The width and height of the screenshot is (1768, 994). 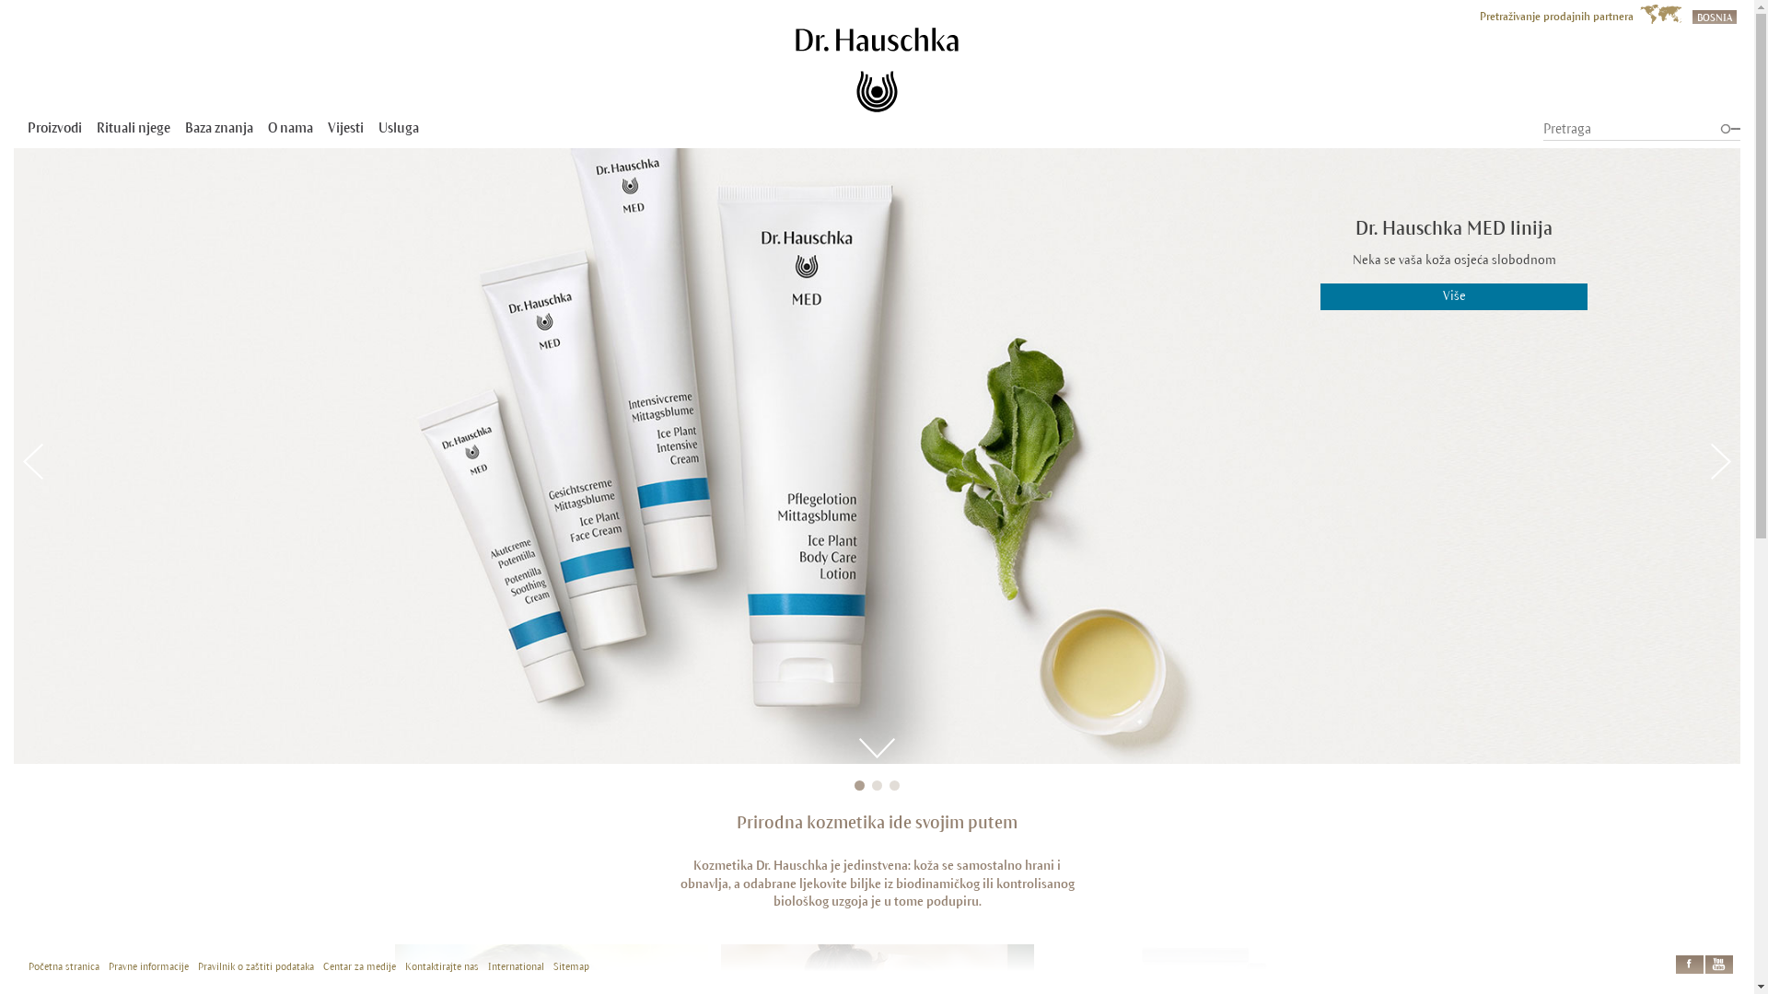 What do you see at coordinates (796, 69) in the screenshot?
I see `'Dr. Hauschka'` at bounding box center [796, 69].